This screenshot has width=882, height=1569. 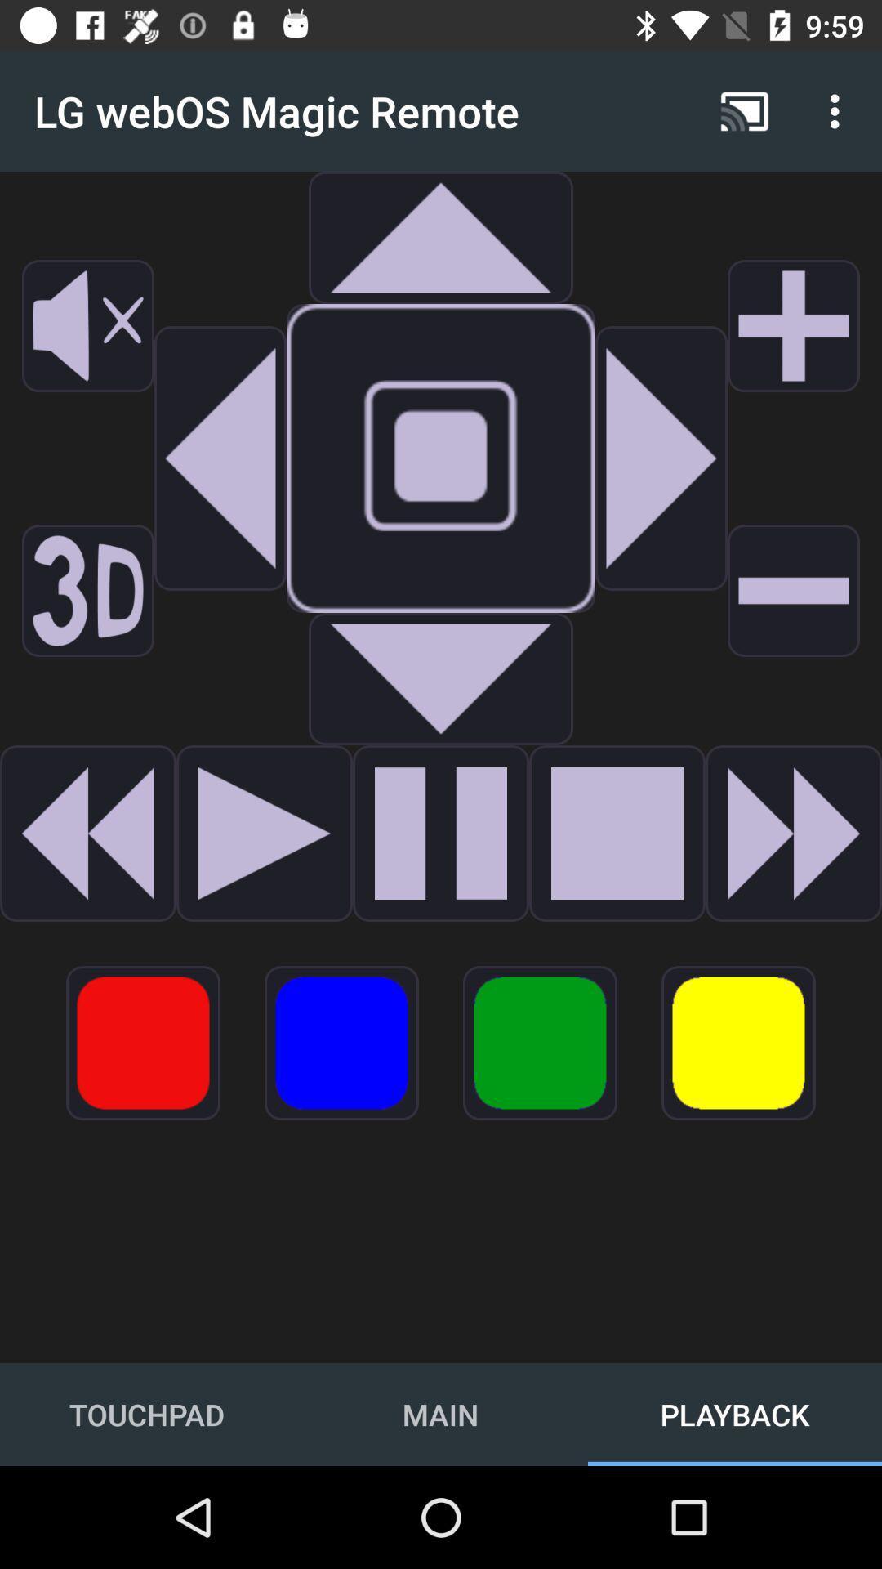 I want to click on creat message, so click(x=88, y=833).